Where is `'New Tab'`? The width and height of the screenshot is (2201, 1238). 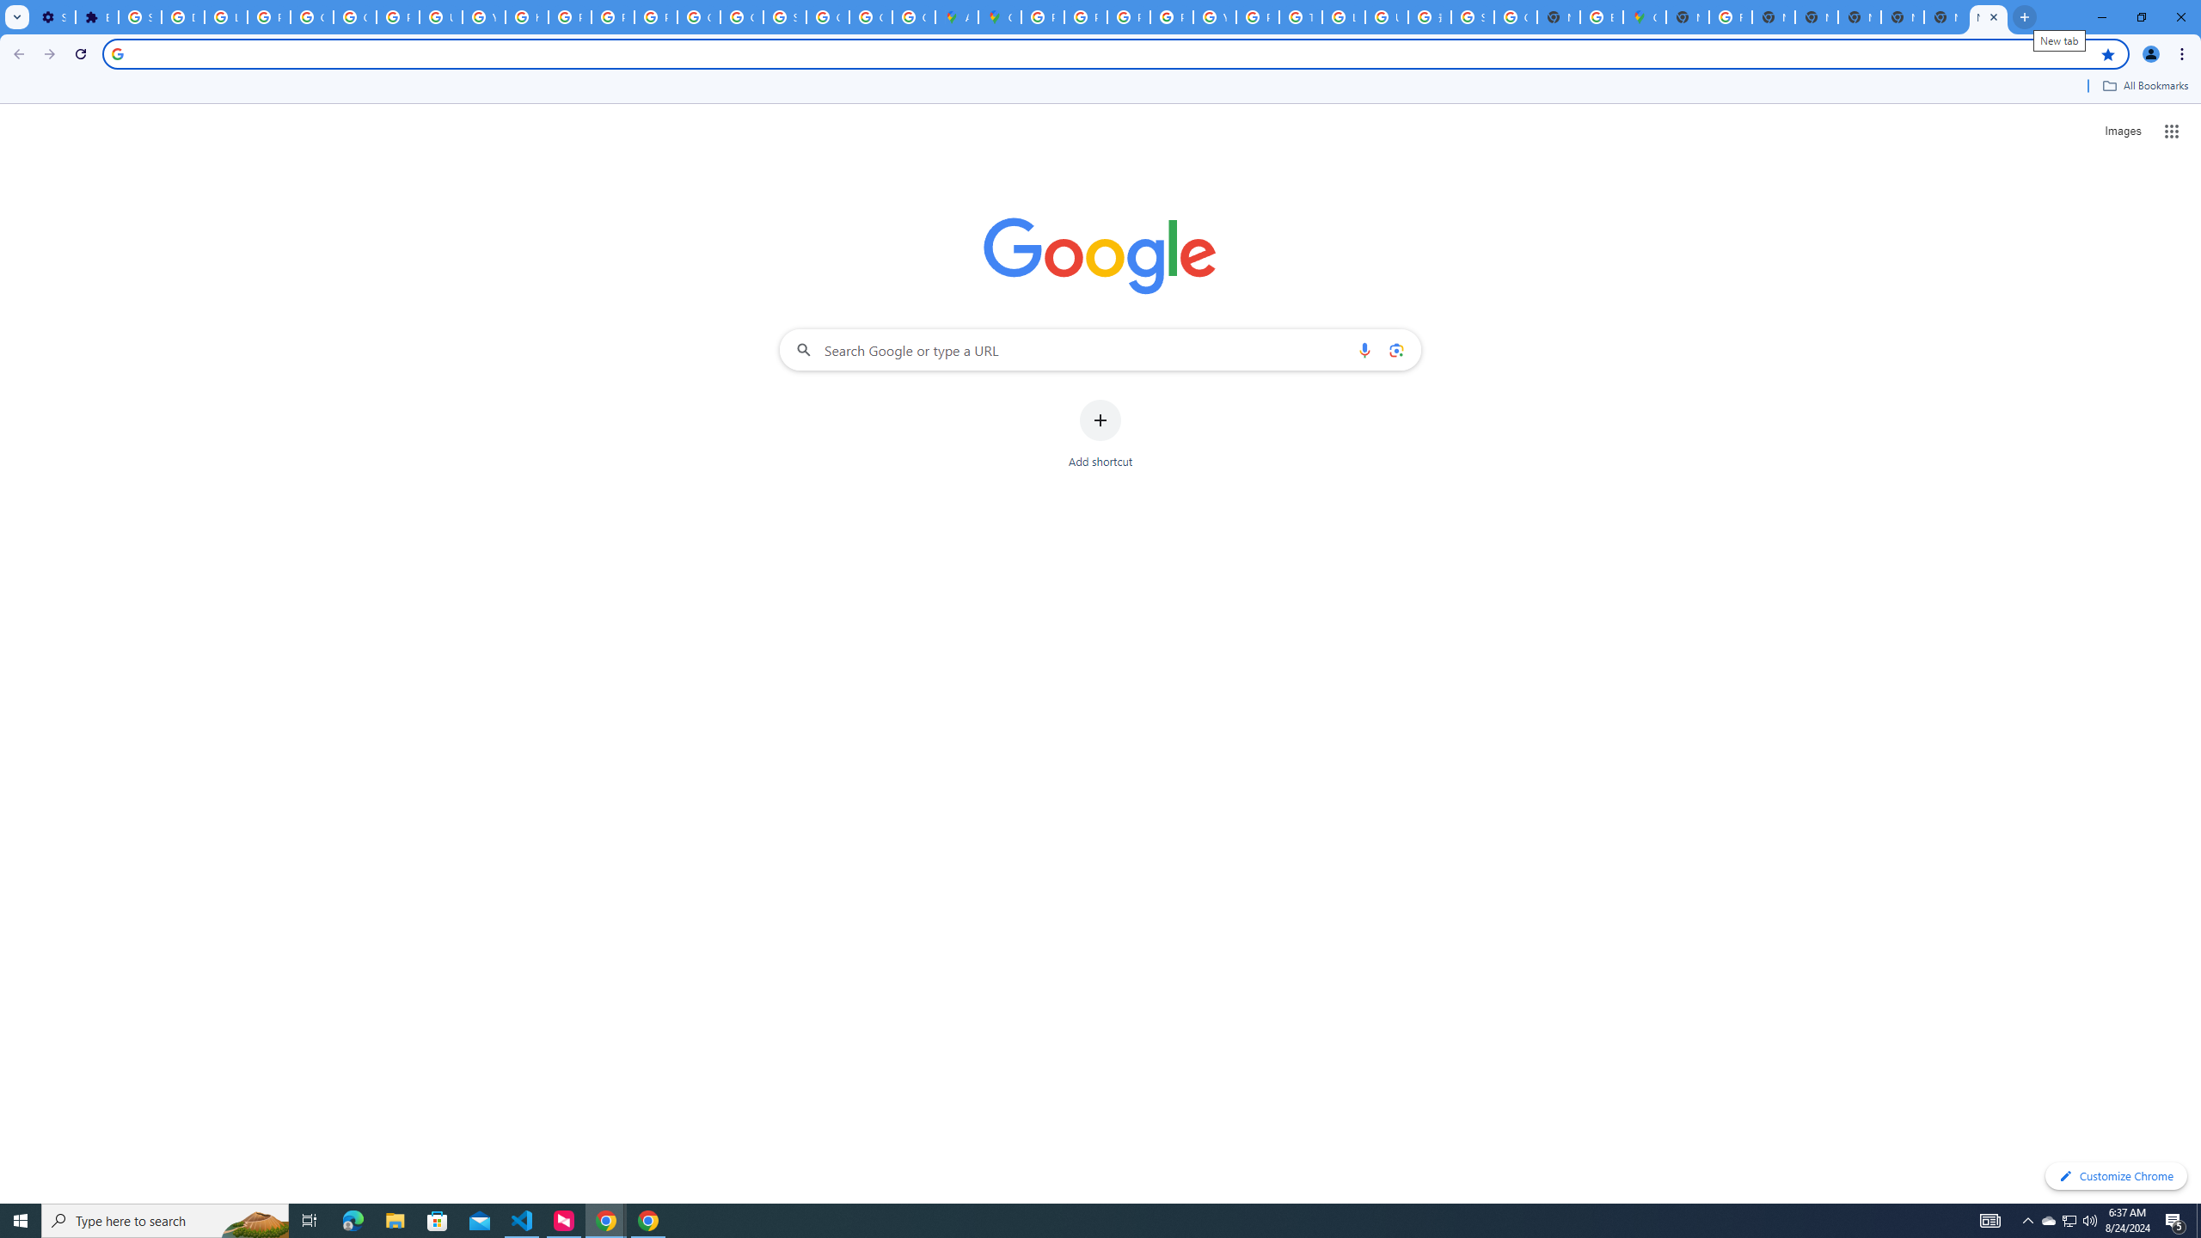
'New Tab' is located at coordinates (1903, 16).